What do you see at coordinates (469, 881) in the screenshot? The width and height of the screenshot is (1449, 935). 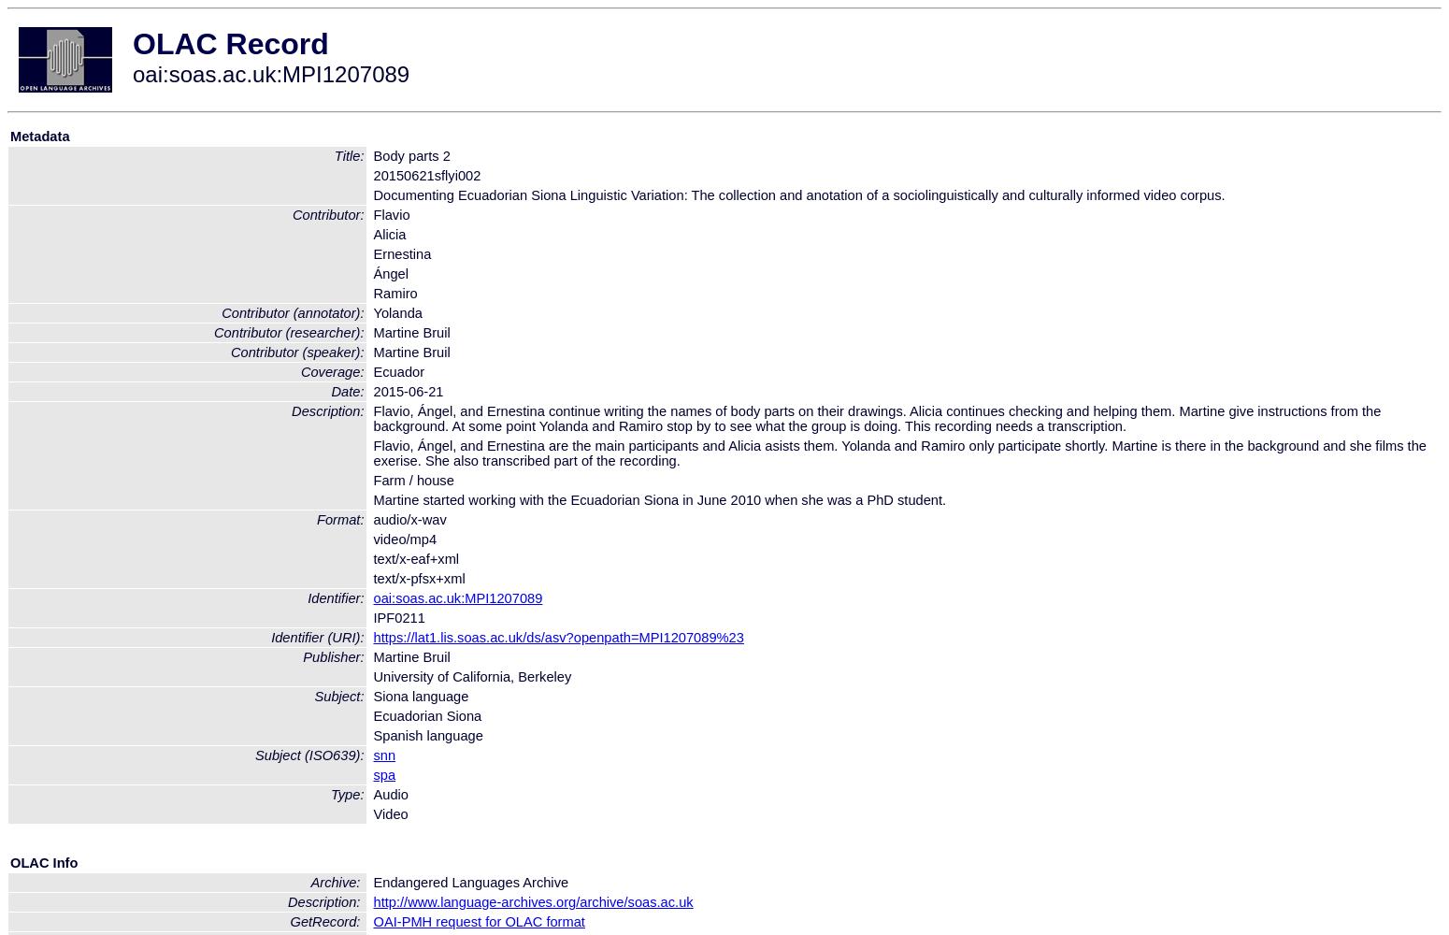 I see `'Endangered Languages Archive'` at bounding box center [469, 881].